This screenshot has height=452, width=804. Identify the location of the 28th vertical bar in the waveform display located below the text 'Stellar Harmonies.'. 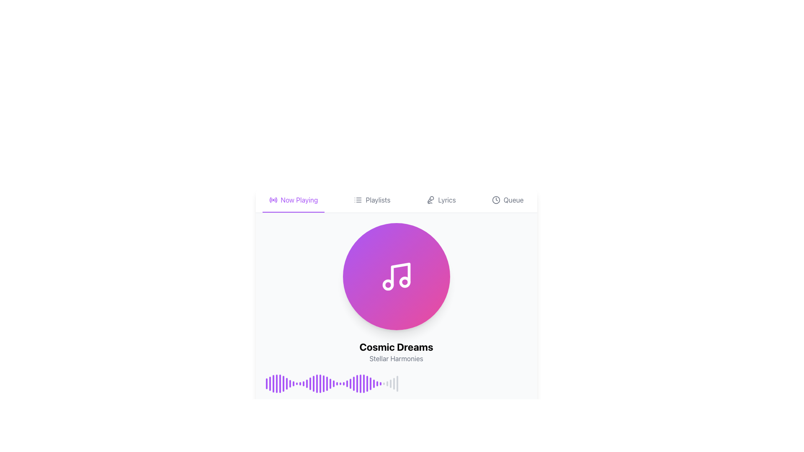
(357, 384).